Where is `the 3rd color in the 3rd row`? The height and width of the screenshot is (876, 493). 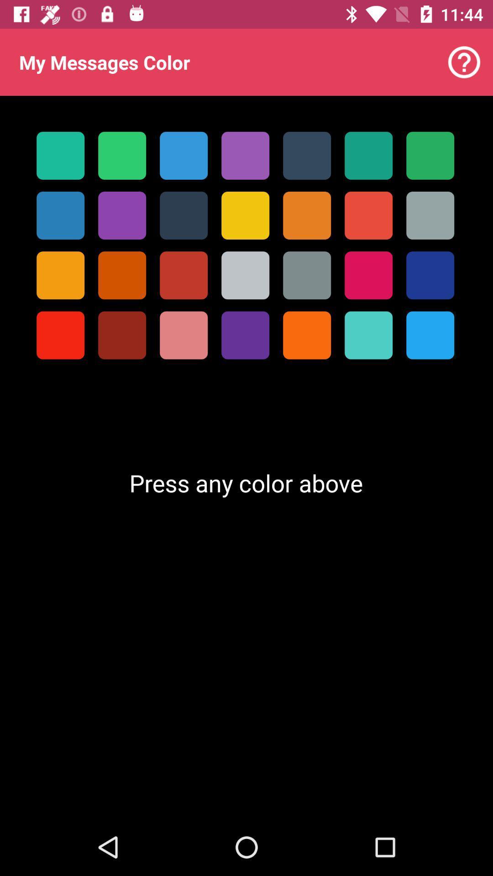
the 3rd color in the 3rd row is located at coordinates (184, 275).